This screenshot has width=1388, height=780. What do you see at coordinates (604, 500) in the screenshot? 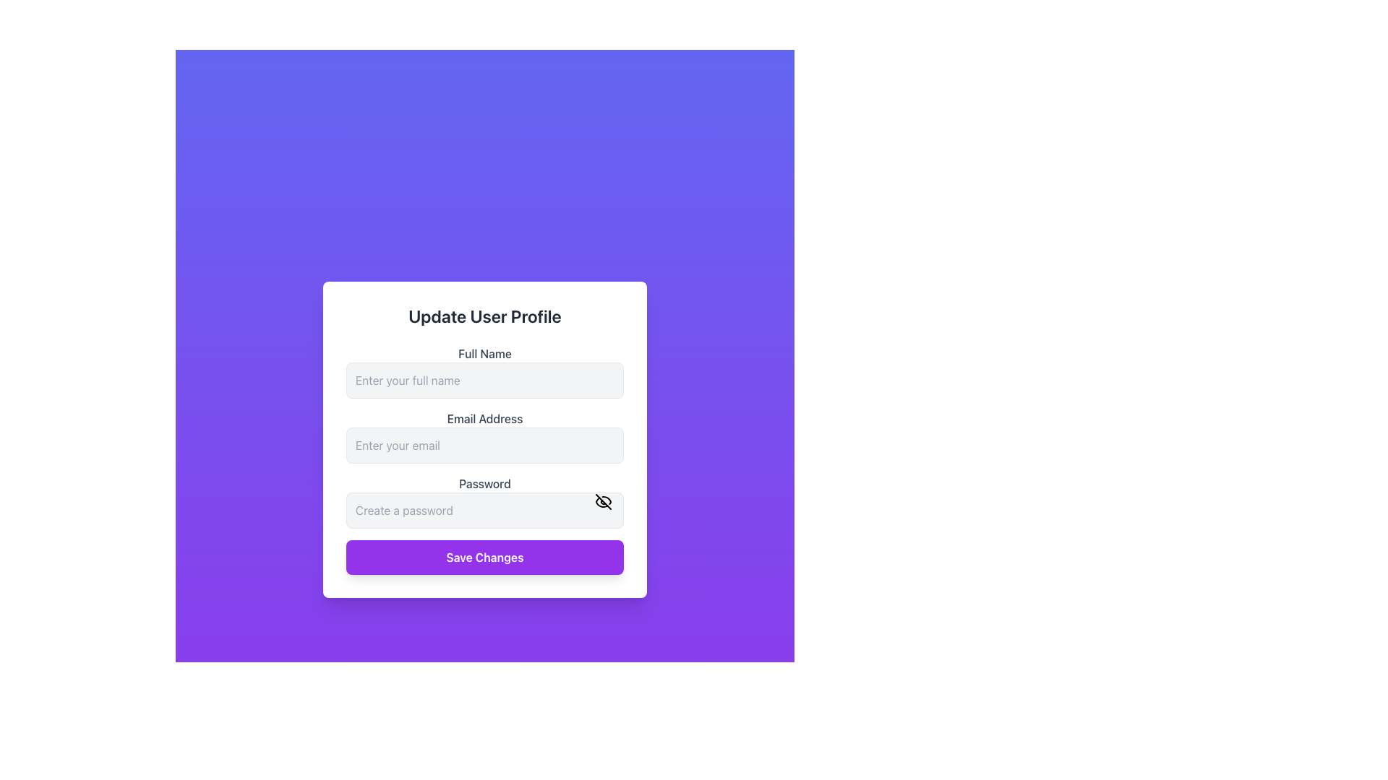
I see `the eye icon with a diagonal stroke inside the button` at bounding box center [604, 500].